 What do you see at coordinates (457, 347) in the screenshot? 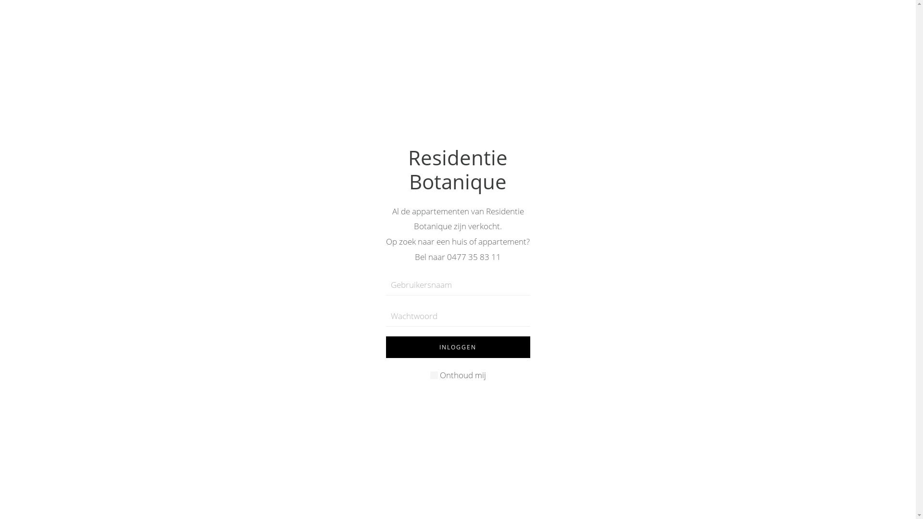
I see `'INLOGGEN'` at bounding box center [457, 347].